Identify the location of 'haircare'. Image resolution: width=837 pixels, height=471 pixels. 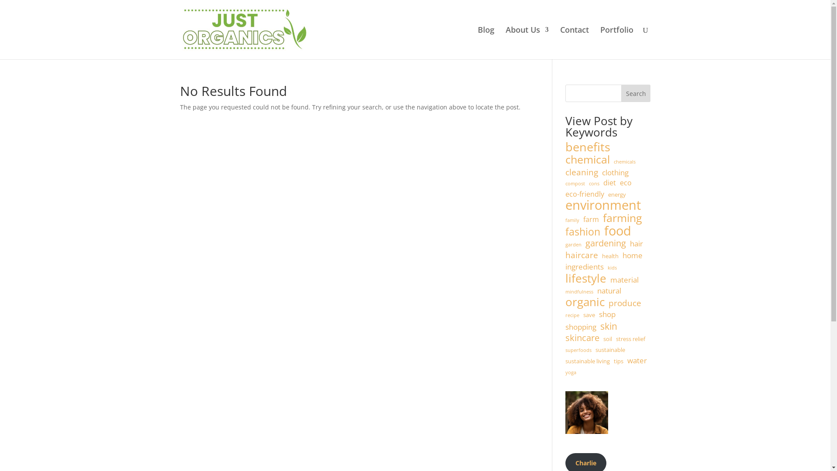
(582, 255).